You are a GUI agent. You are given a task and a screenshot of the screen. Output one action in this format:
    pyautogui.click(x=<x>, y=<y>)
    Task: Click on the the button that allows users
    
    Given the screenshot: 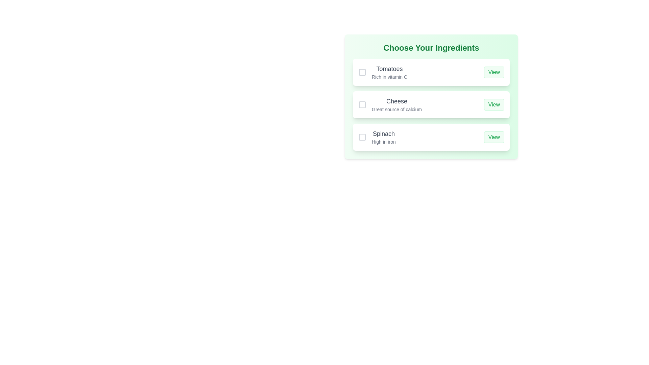 What is the action you would take?
    pyautogui.click(x=494, y=72)
    